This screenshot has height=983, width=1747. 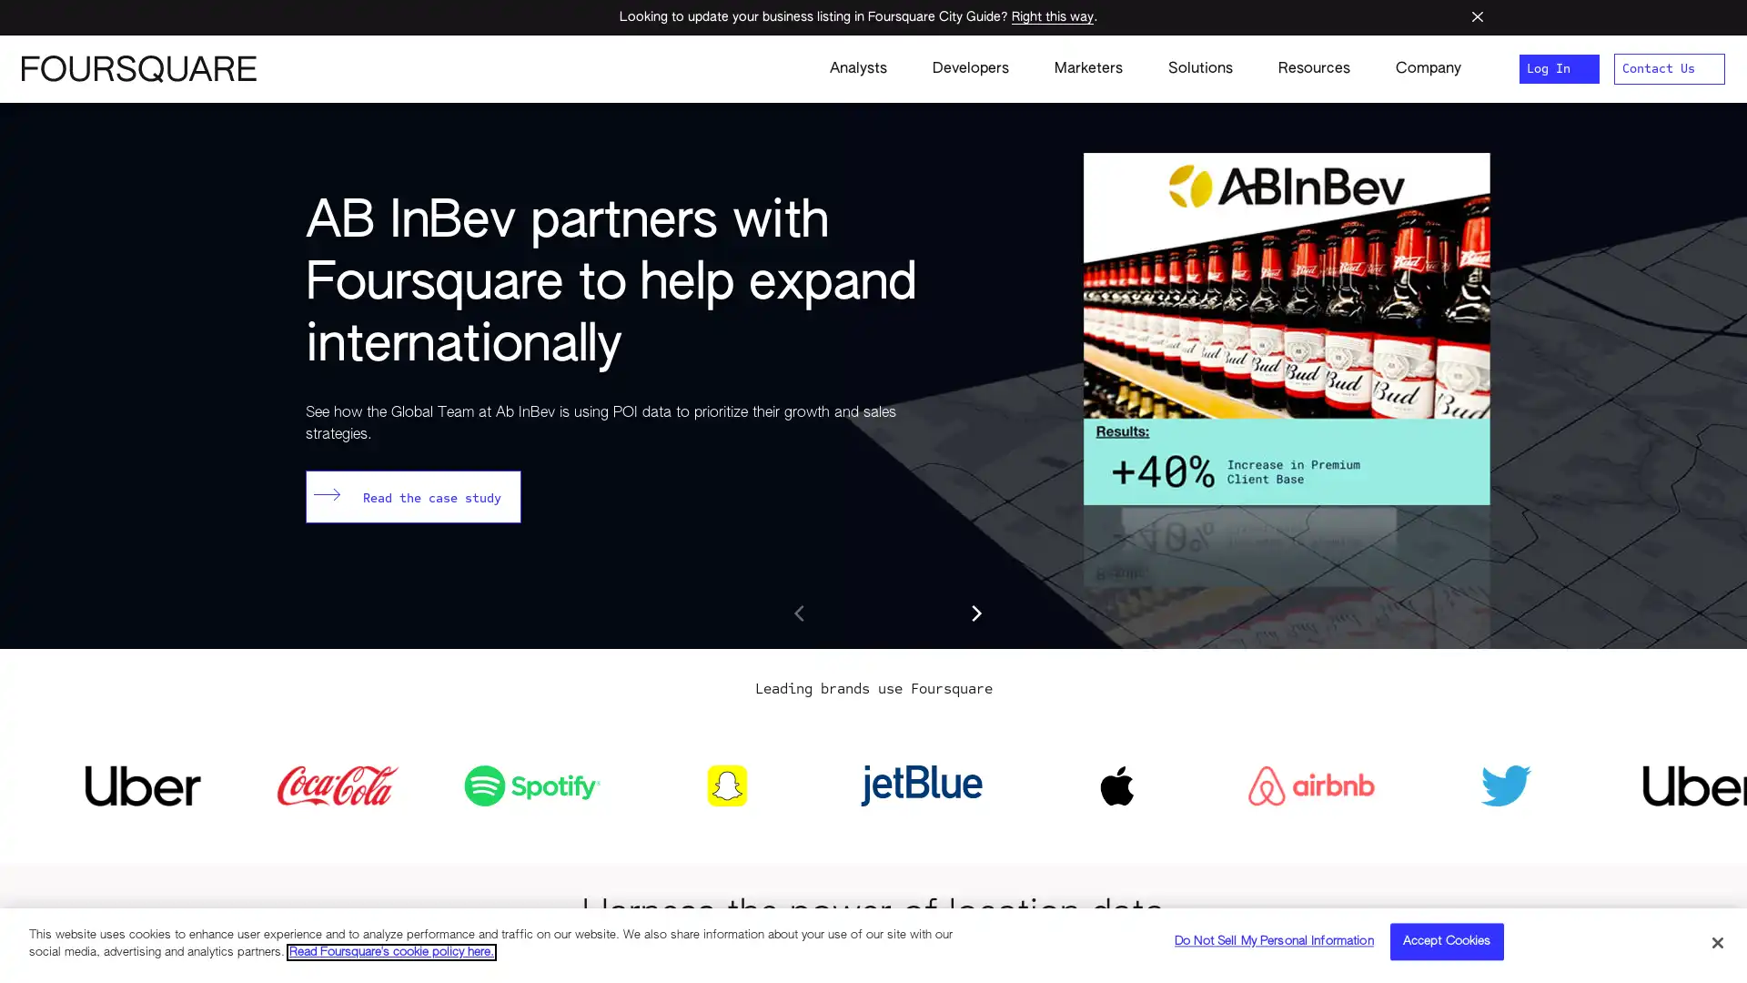 What do you see at coordinates (1416, 69) in the screenshot?
I see `Company` at bounding box center [1416, 69].